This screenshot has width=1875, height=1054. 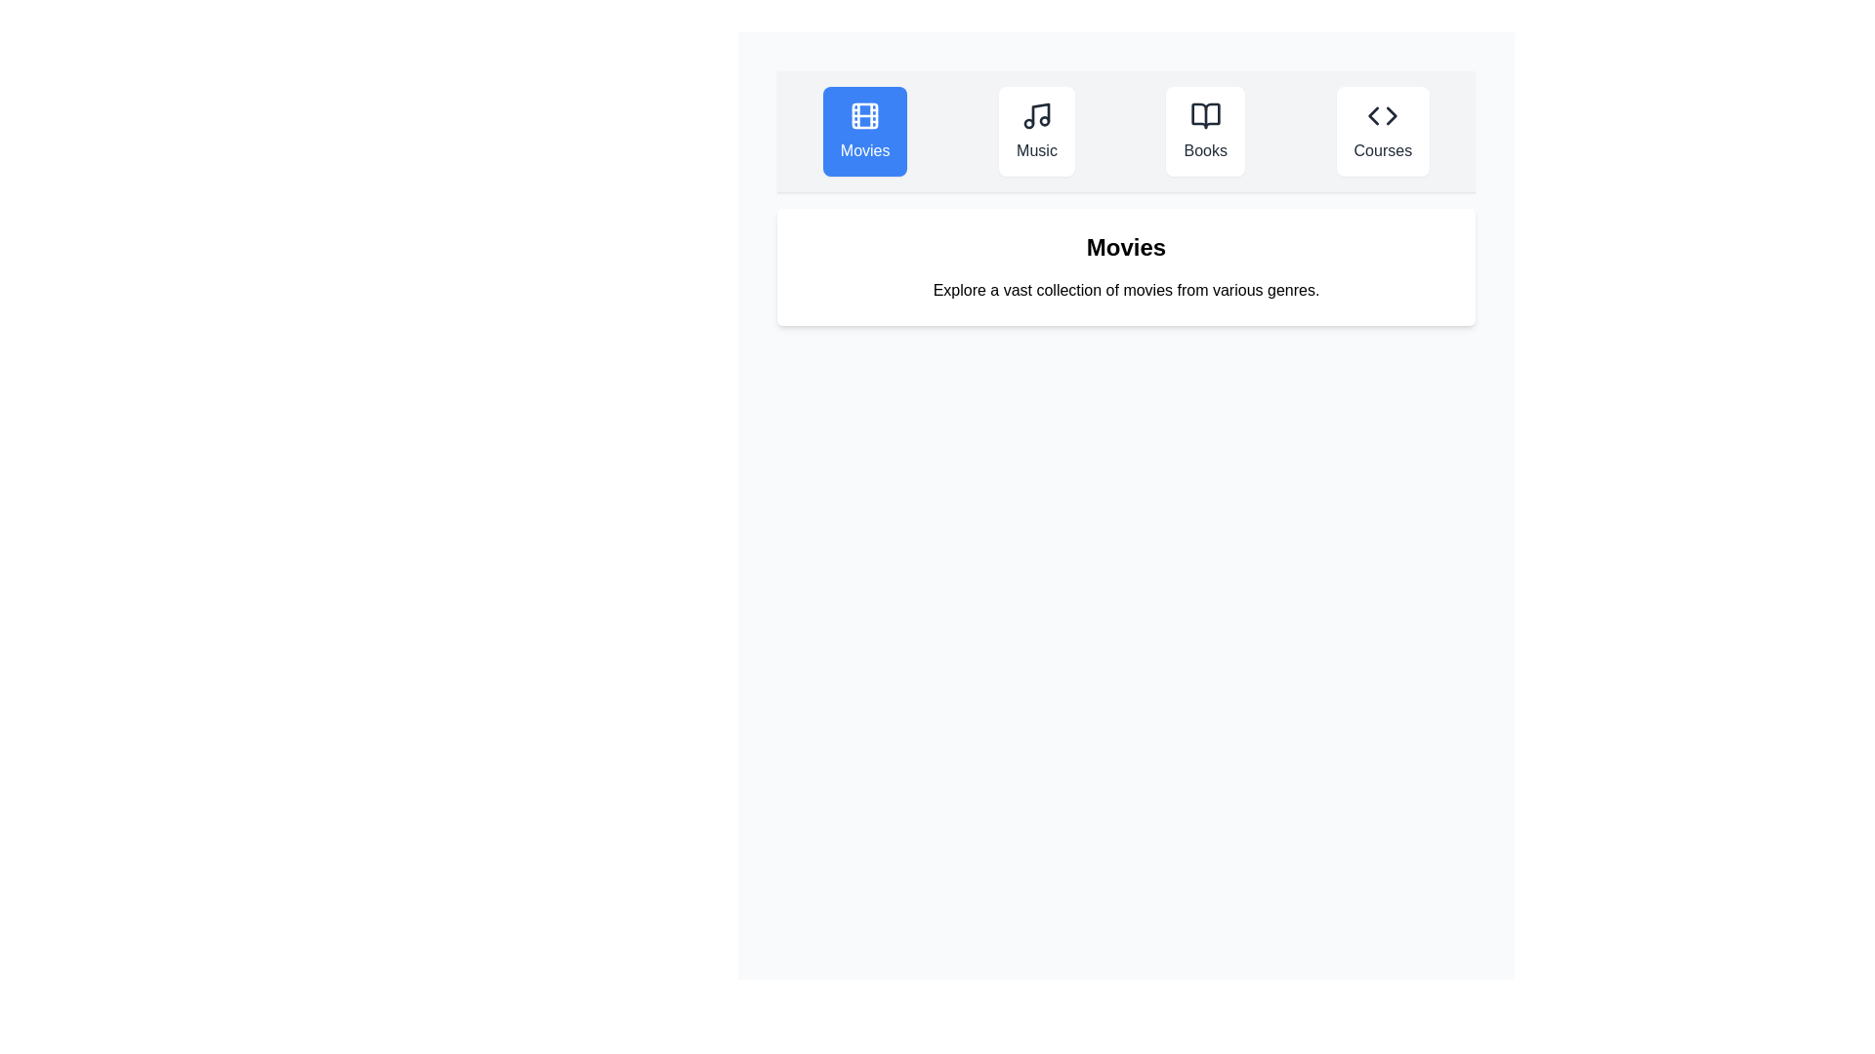 What do you see at coordinates (1035, 132) in the screenshot?
I see `the Music tab to view its content` at bounding box center [1035, 132].